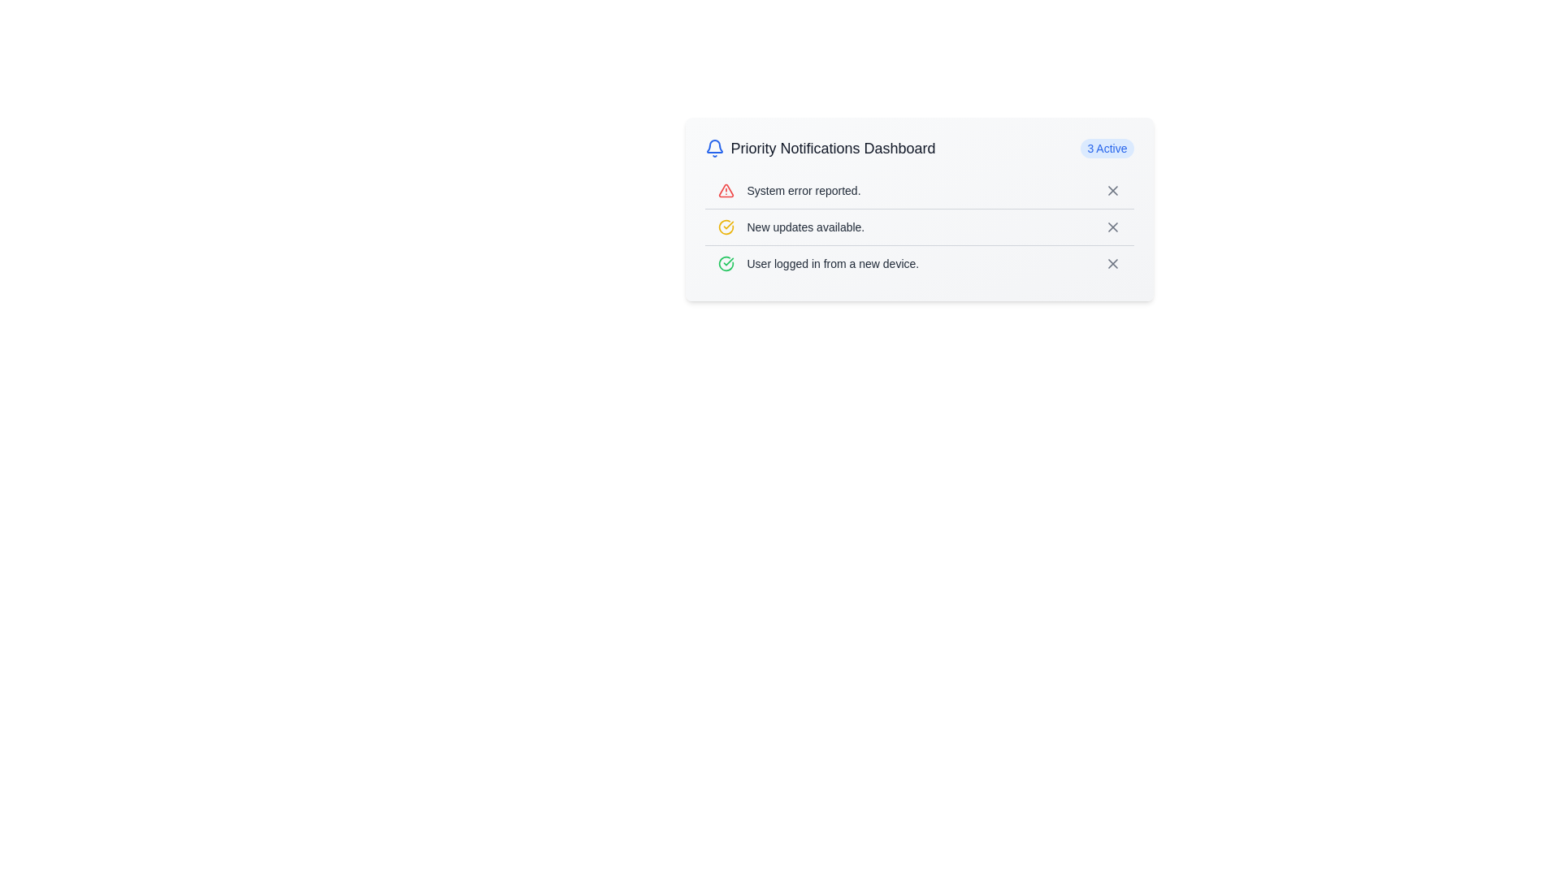  What do you see at coordinates (833, 262) in the screenshot?
I see `text content of the notification message located in the third row of the 'Priority Notifications Dashboard' panel, which is to the right of a green checkmark icon and above a close icon` at bounding box center [833, 262].